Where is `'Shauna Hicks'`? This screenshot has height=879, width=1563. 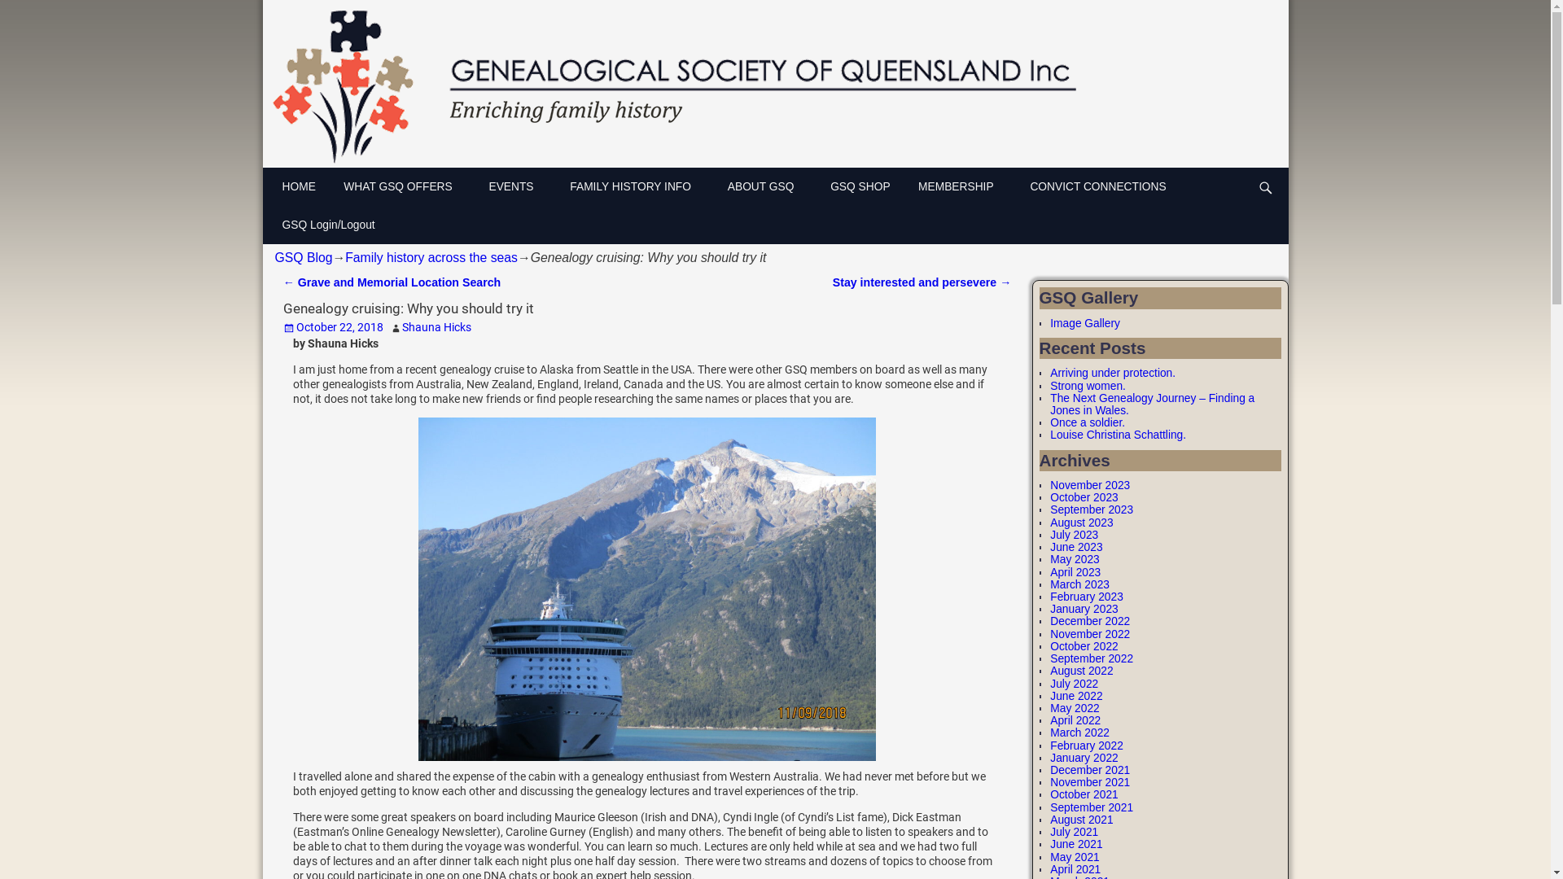
'Shauna Hicks' is located at coordinates (436, 326).